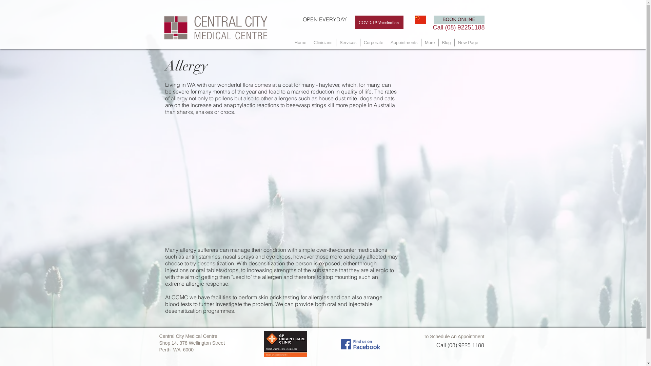 The height and width of the screenshot is (366, 651). What do you see at coordinates (215, 27) in the screenshot?
I see `'Central City Medical Centre Logo'` at bounding box center [215, 27].